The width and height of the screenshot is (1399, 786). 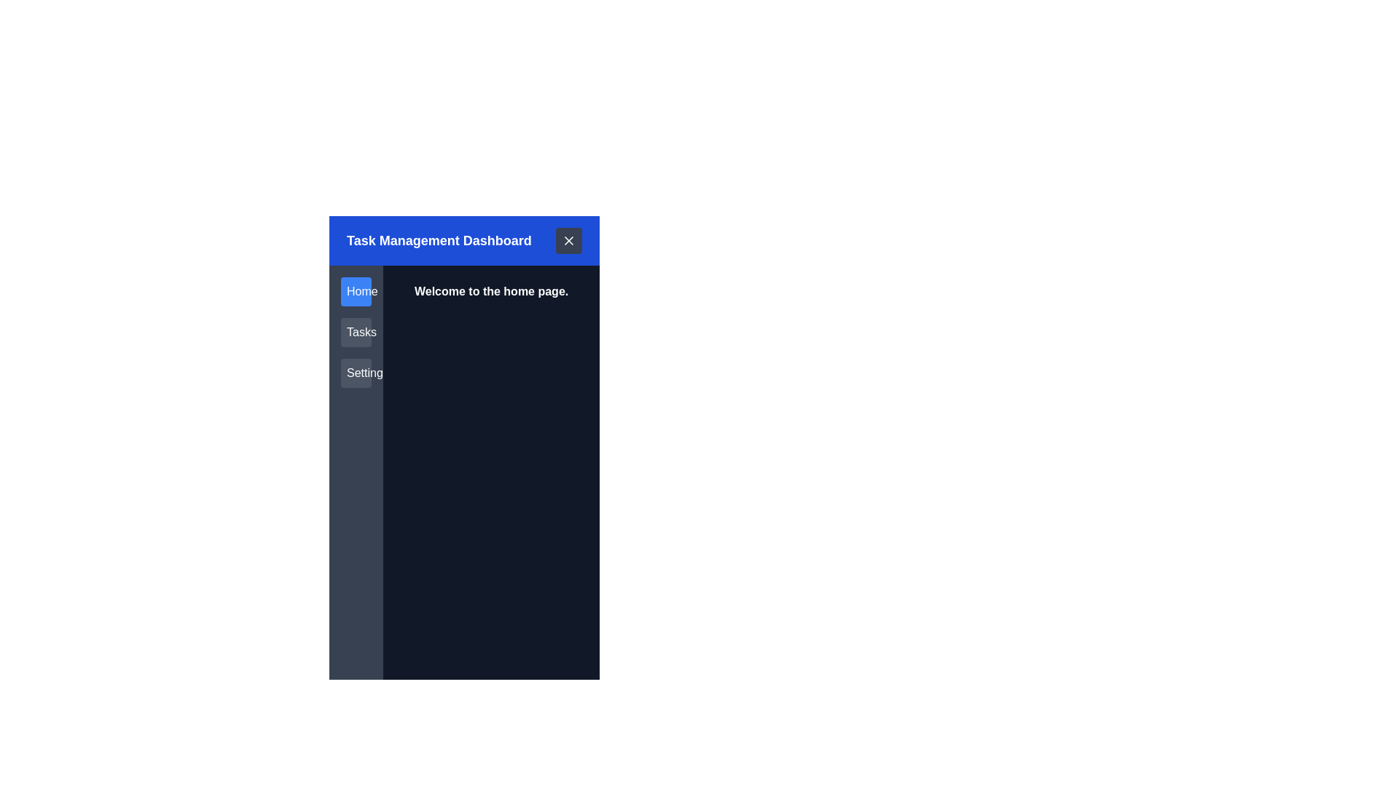 What do you see at coordinates (568, 240) in the screenshot?
I see `the close button located in the top-right corner of the blue header bar labeled 'Task Management Dashboard'` at bounding box center [568, 240].